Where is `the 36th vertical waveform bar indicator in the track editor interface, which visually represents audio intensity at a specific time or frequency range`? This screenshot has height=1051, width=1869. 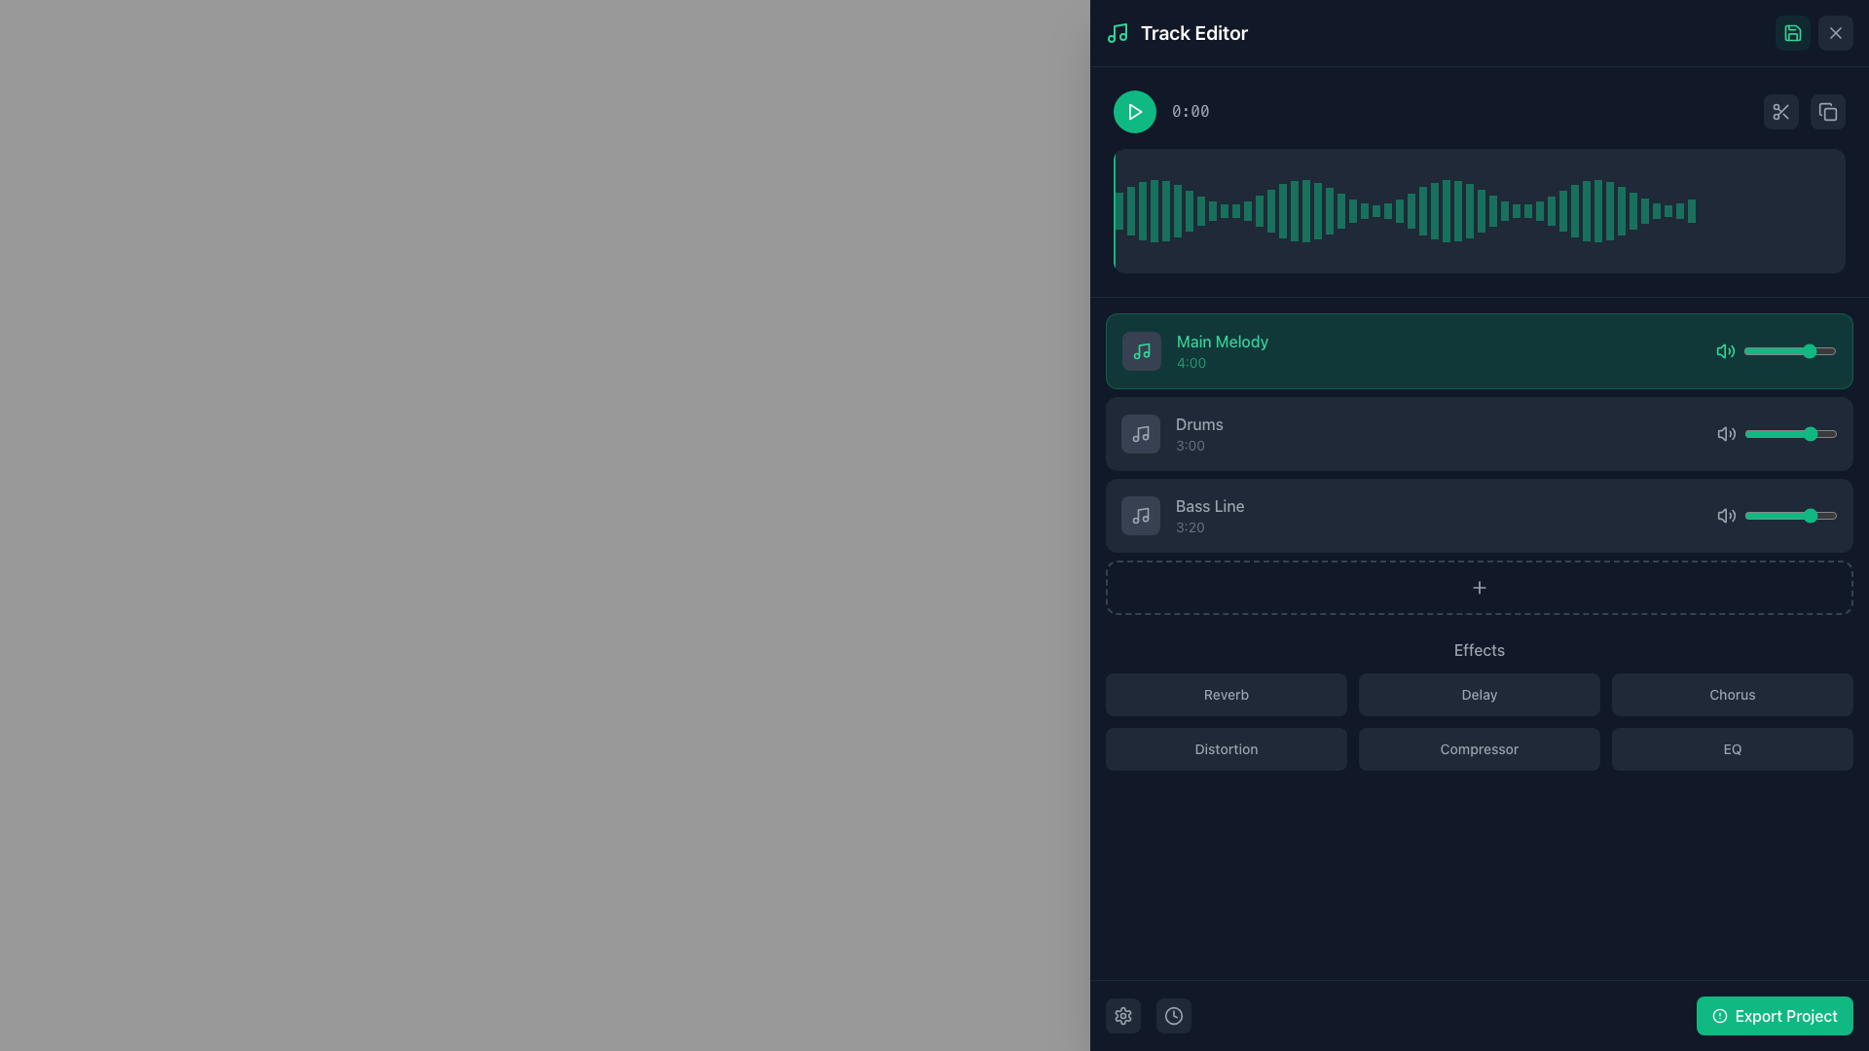 the 36th vertical waveform bar indicator in the track editor interface, which visually represents audio intensity at a specific time or frequency range is located at coordinates (1574, 210).